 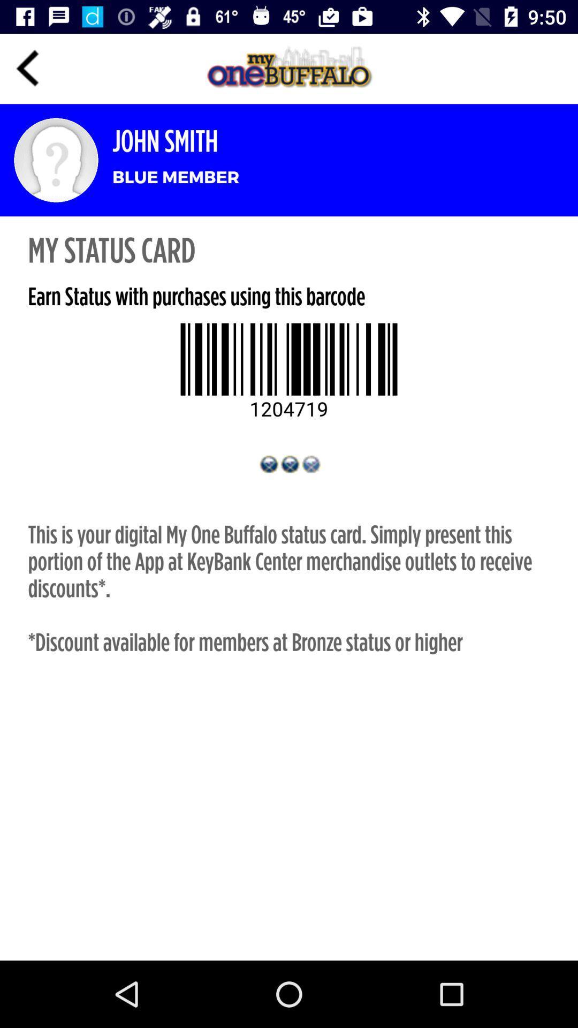 What do you see at coordinates (27, 68) in the screenshot?
I see `previous` at bounding box center [27, 68].